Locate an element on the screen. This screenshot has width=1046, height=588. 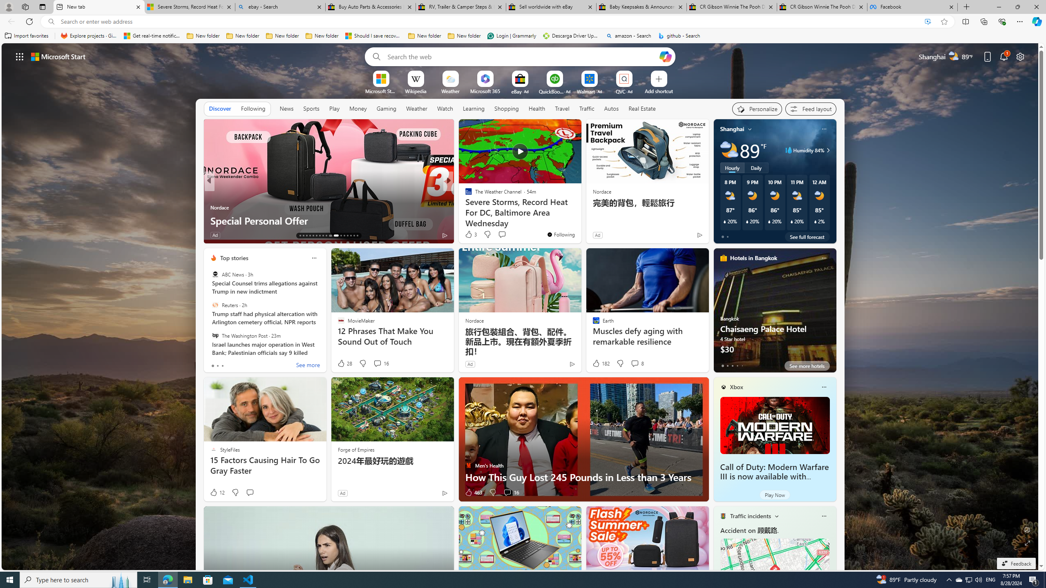
'Back' is located at coordinates (10, 21).